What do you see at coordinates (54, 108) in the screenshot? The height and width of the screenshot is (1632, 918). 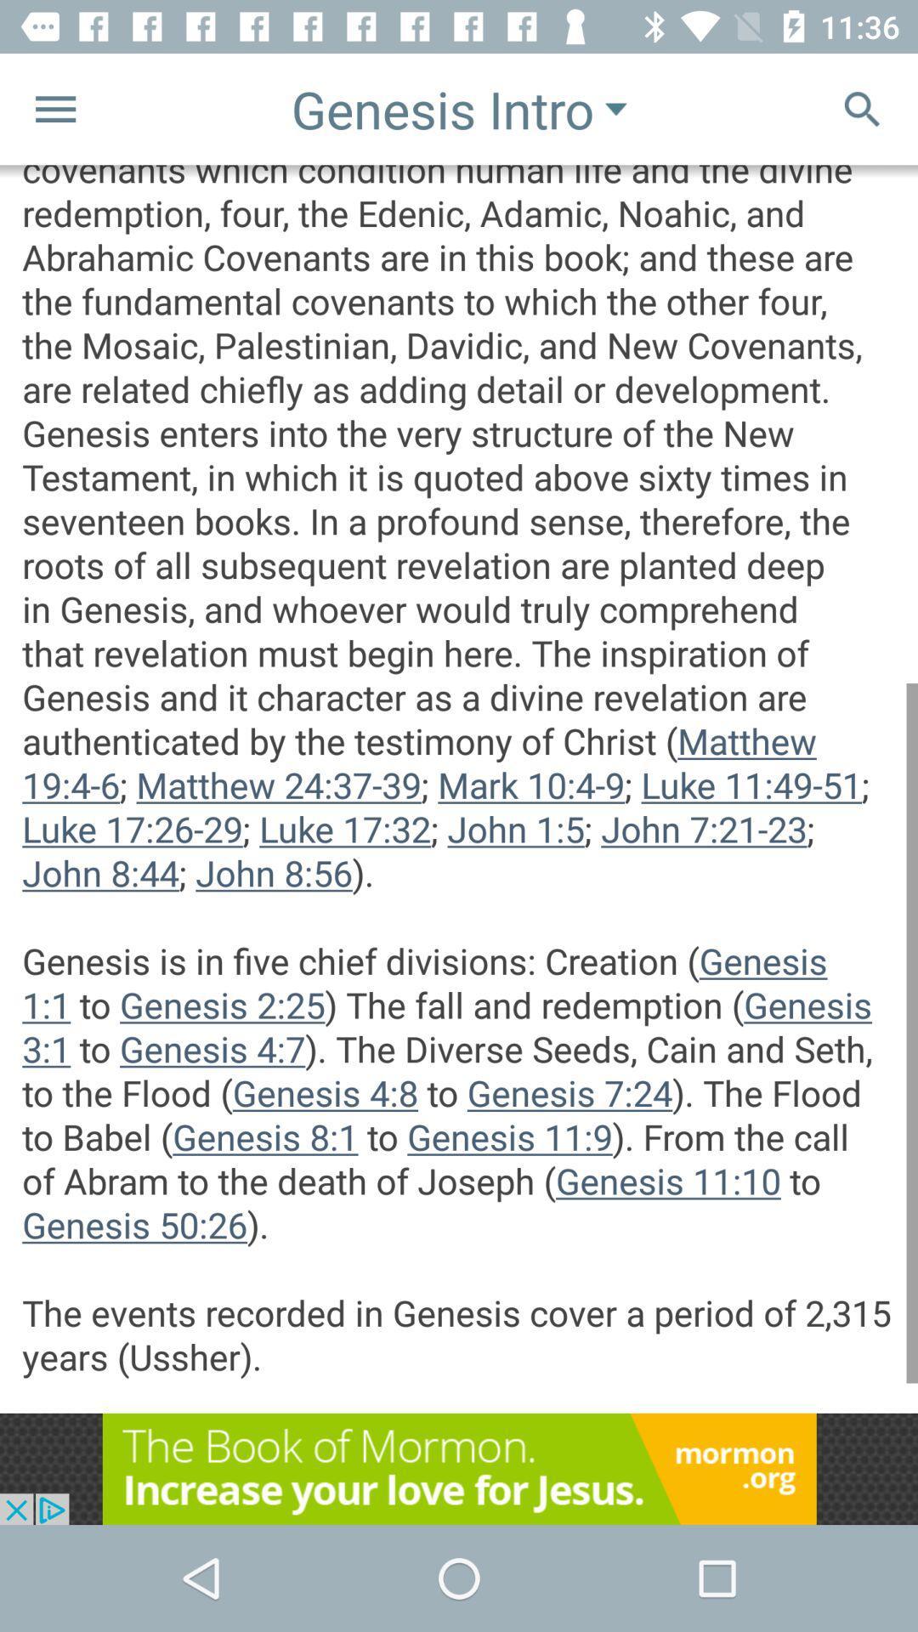 I see `the menu icon` at bounding box center [54, 108].